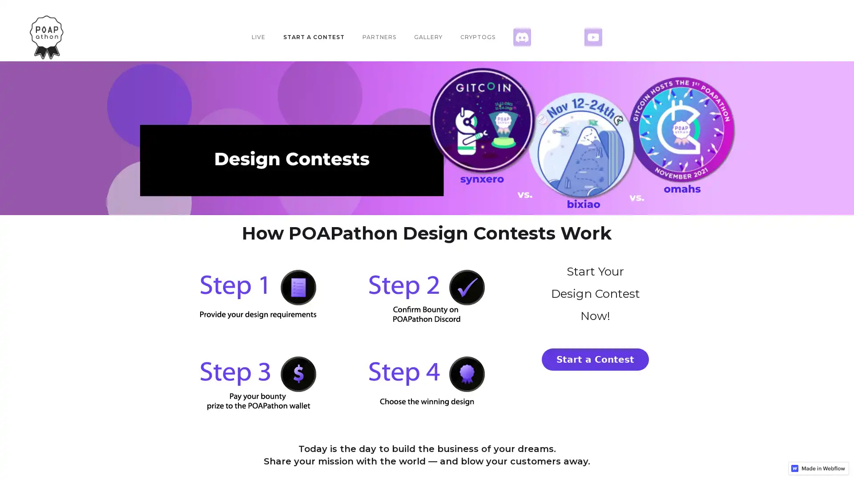  Describe the element at coordinates (595, 359) in the screenshot. I see `Start a Contest` at that location.